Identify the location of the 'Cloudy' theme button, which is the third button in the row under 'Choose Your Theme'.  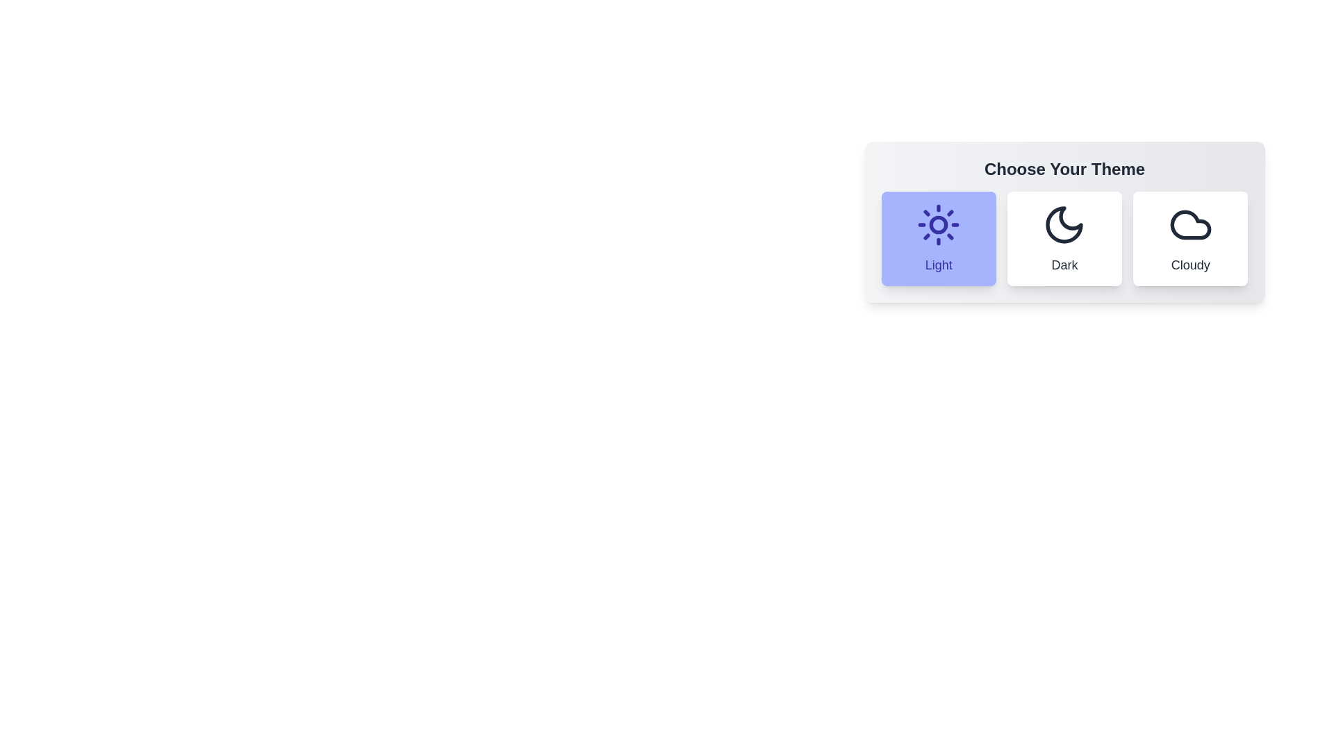
(1189, 237).